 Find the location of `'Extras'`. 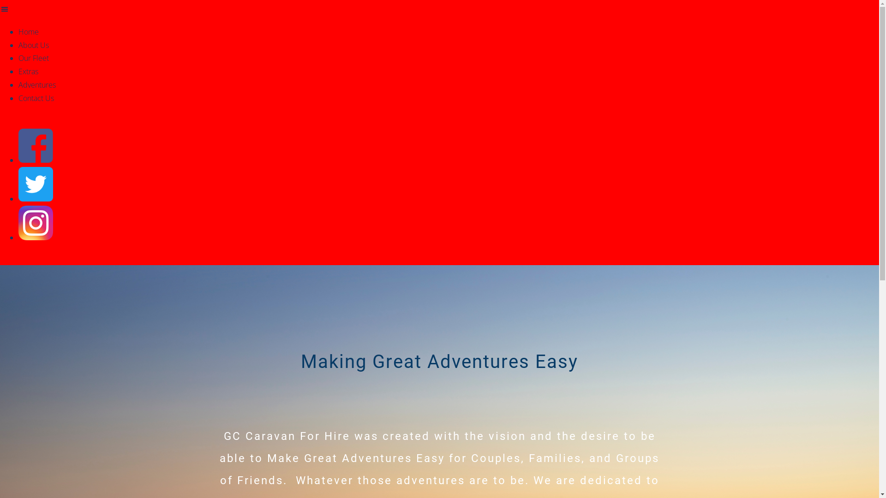

'Extras' is located at coordinates (28, 71).